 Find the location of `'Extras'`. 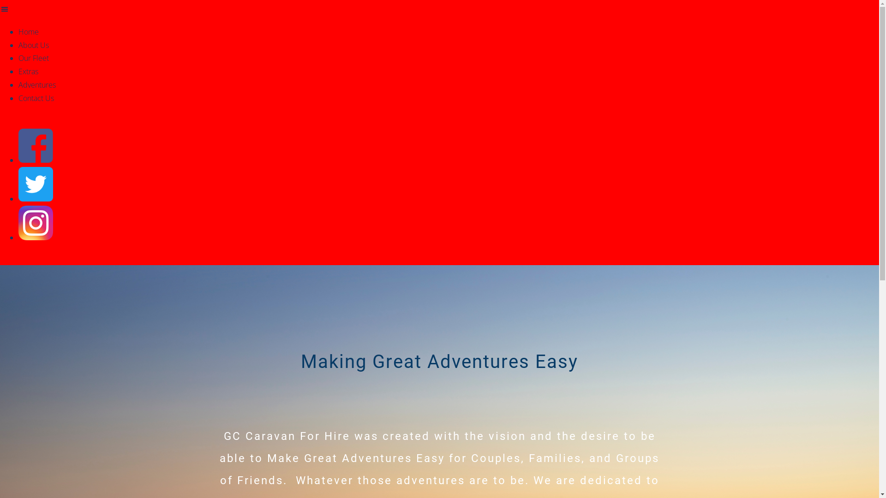

'Extras' is located at coordinates (28, 71).